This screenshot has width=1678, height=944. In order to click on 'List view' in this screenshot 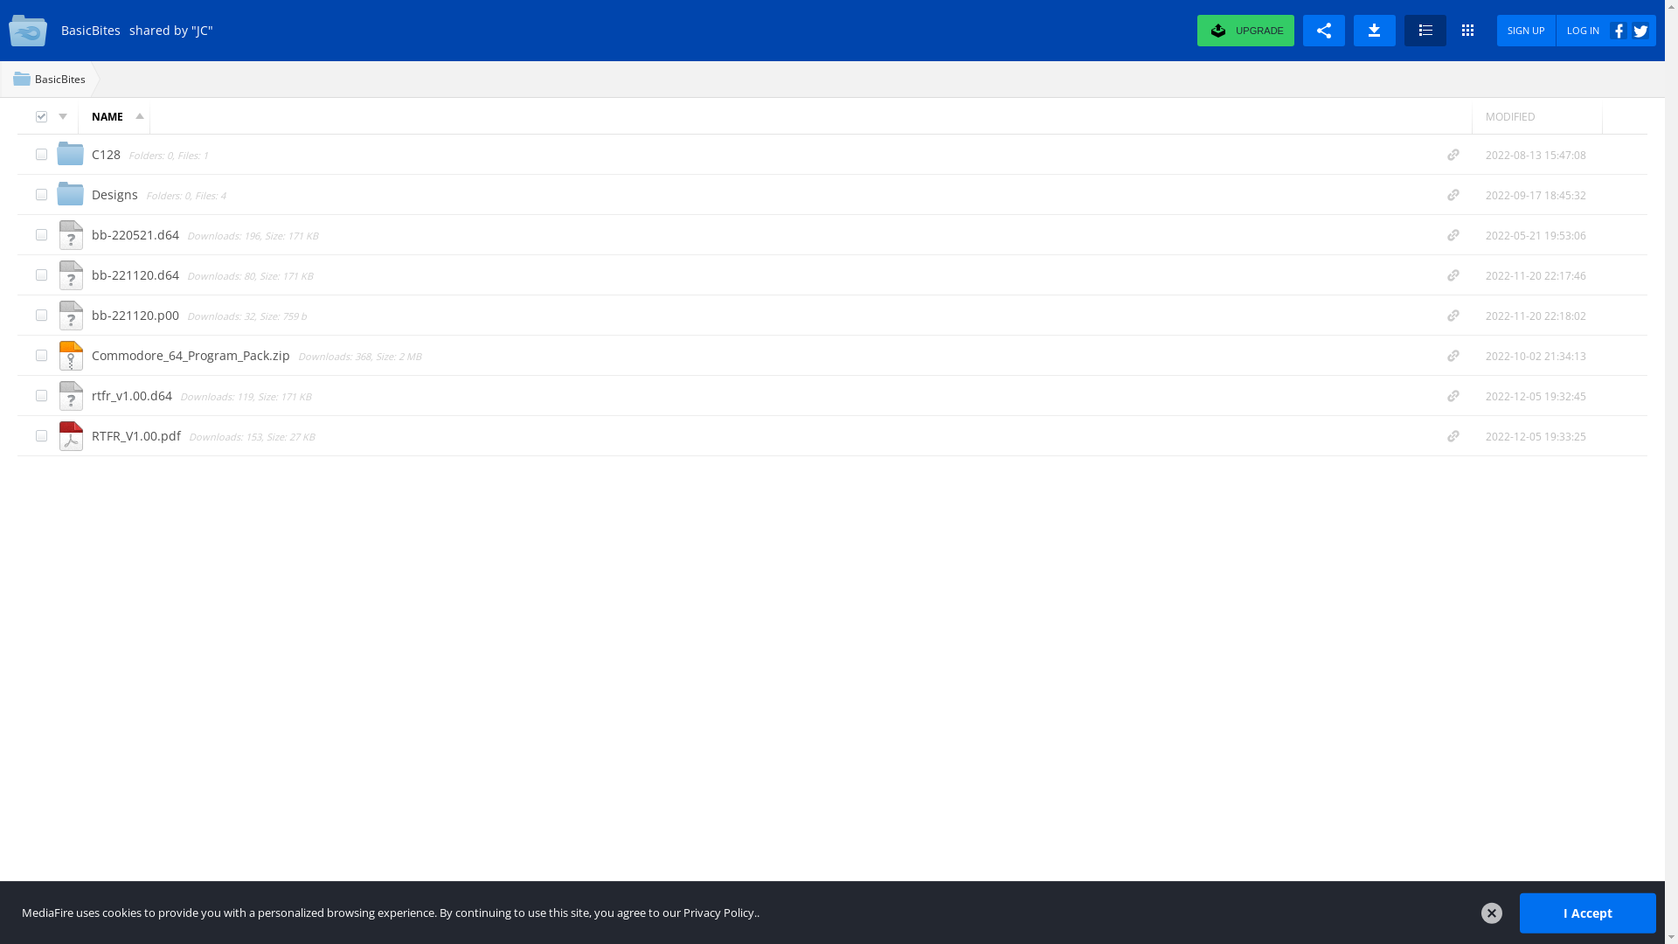, I will do `click(1425, 30)`.